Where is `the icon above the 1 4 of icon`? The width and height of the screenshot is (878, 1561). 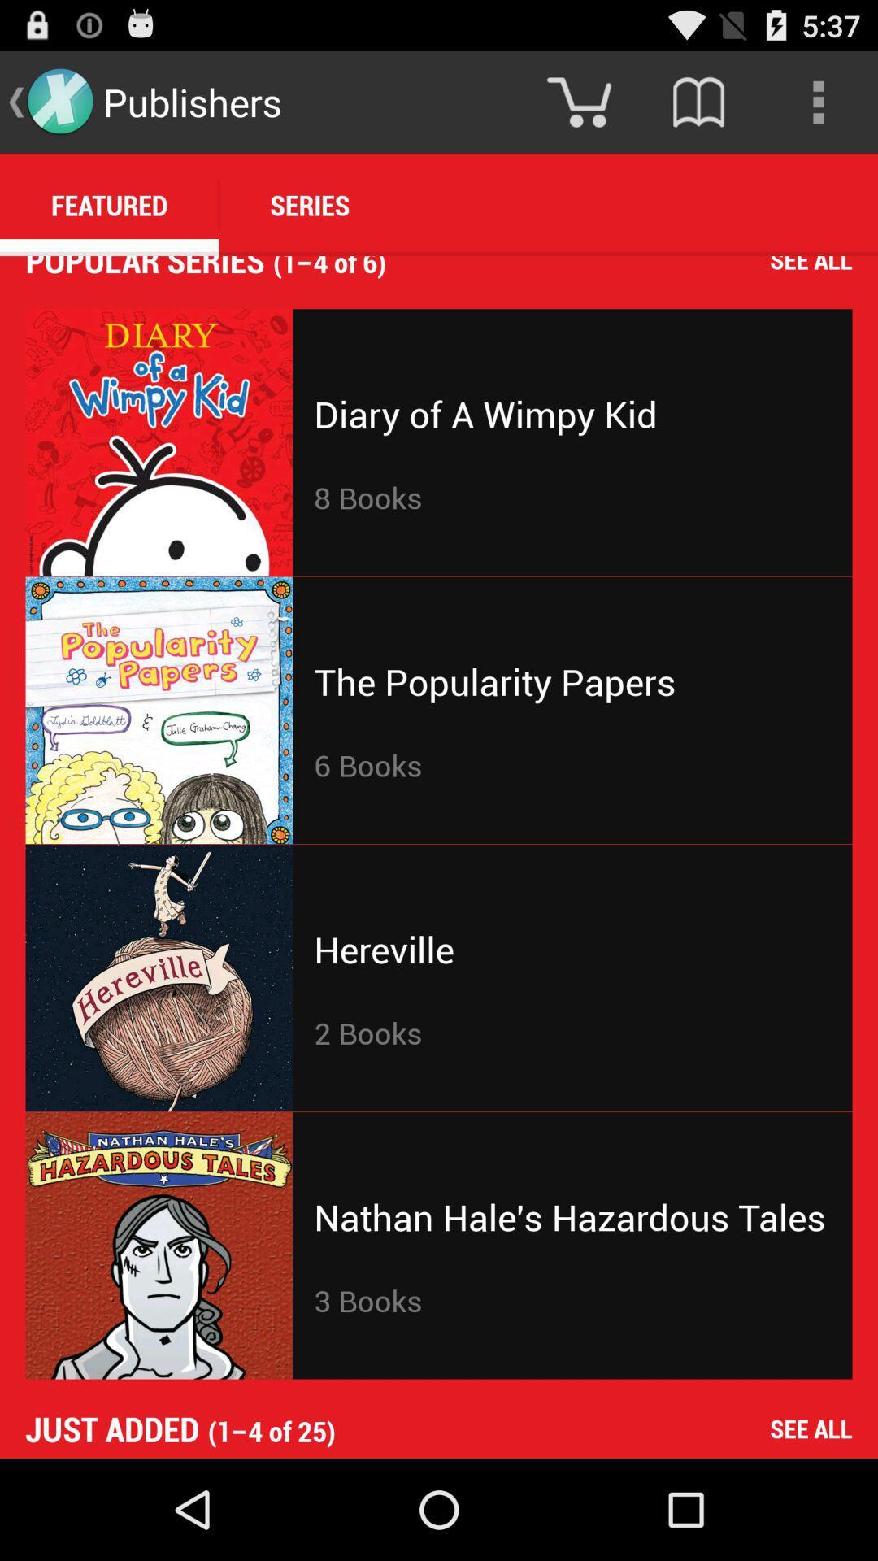
the icon above the 1 4 of icon is located at coordinates (818, 101).